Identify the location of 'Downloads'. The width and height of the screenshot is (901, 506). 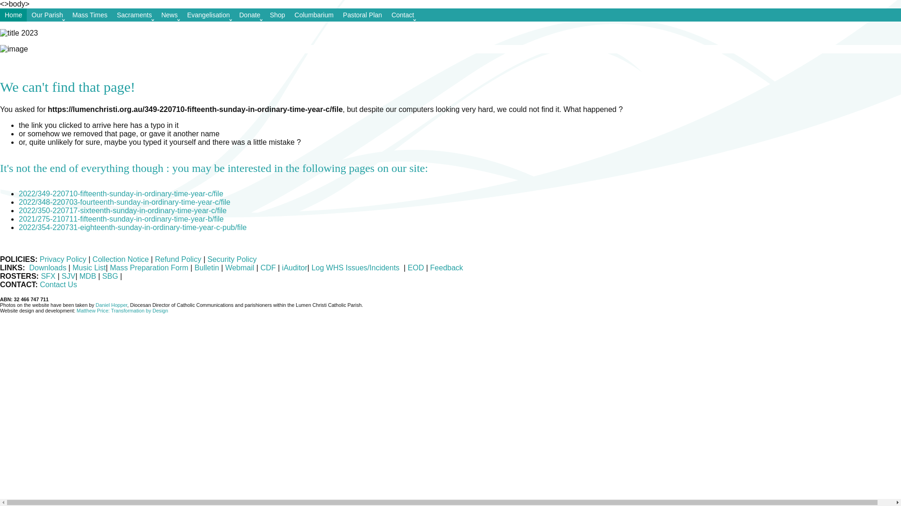
(47, 268).